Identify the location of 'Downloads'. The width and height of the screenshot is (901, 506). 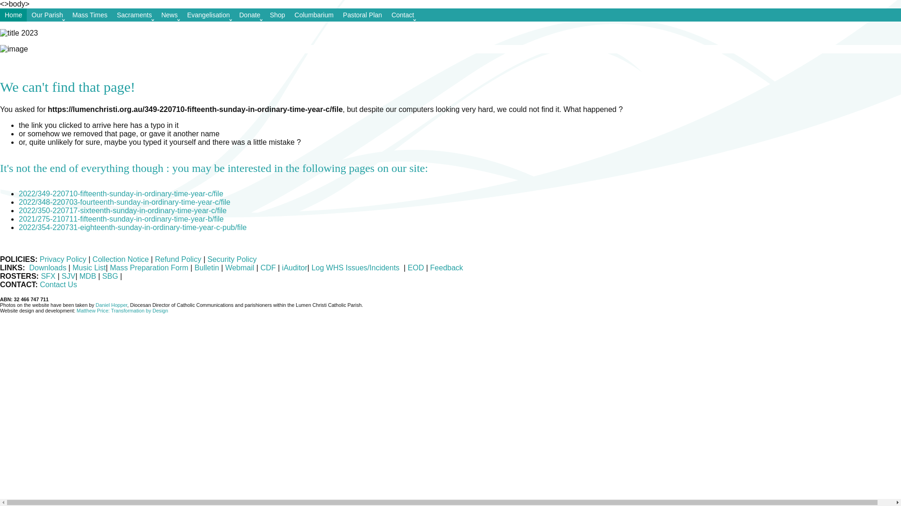
(47, 268).